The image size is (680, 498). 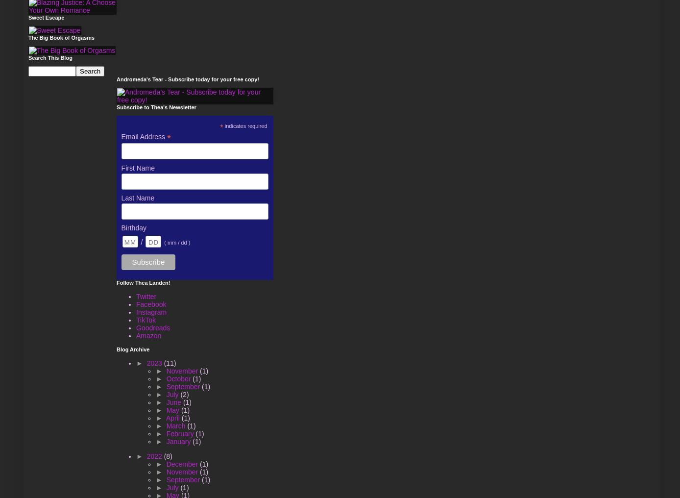 I want to click on 'January', so click(x=179, y=441).